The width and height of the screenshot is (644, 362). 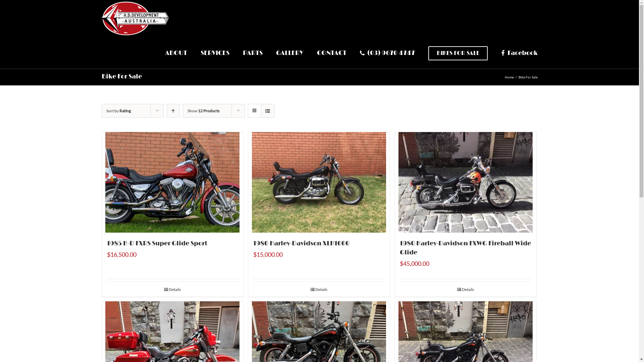 What do you see at coordinates (301, 243) in the screenshot?
I see `'1980 Harley-Davidson XLH1000'` at bounding box center [301, 243].